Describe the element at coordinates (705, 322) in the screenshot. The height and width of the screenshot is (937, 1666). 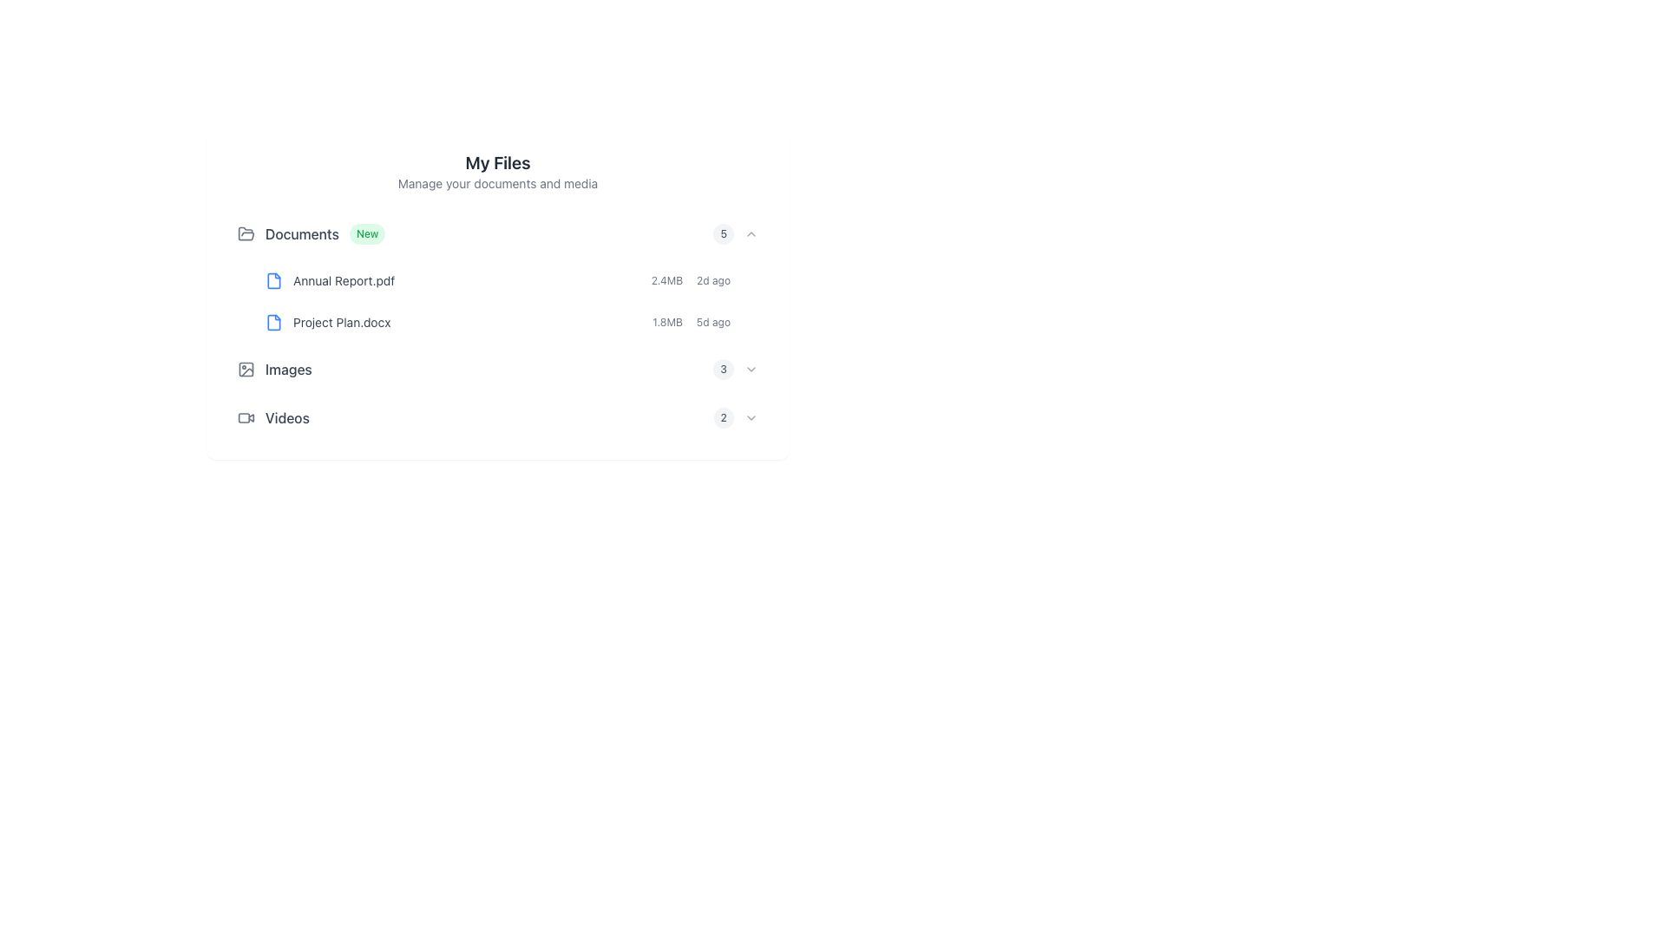
I see `the text component displaying '1.8MB' and '5d ago' in light gray font, located adjacent to the download icon for 'Project Plan.docx'` at that location.